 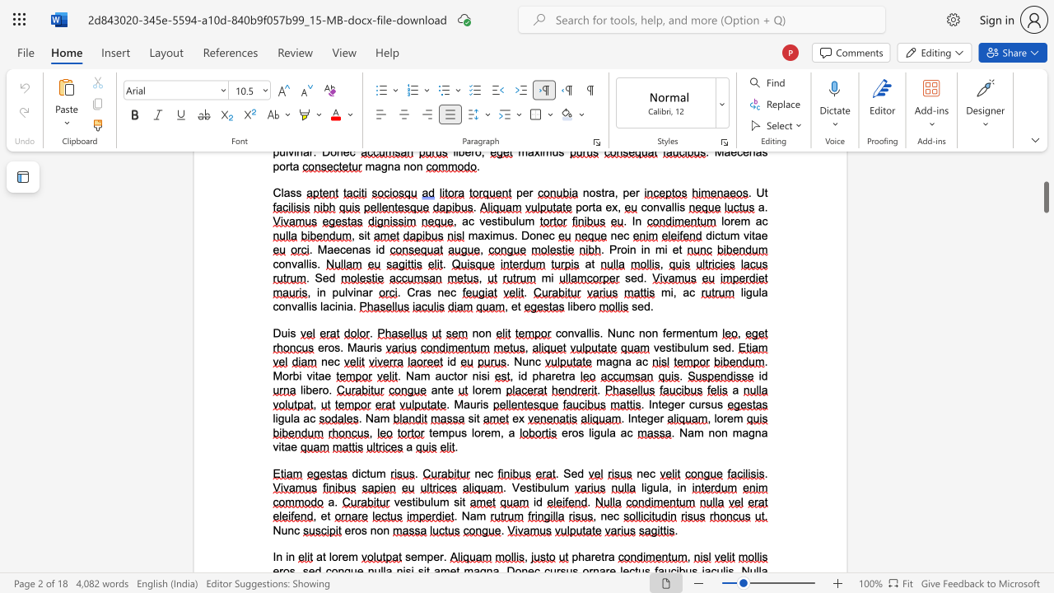 I want to click on the 1th character "i" in the text, so click(x=536, y=487).